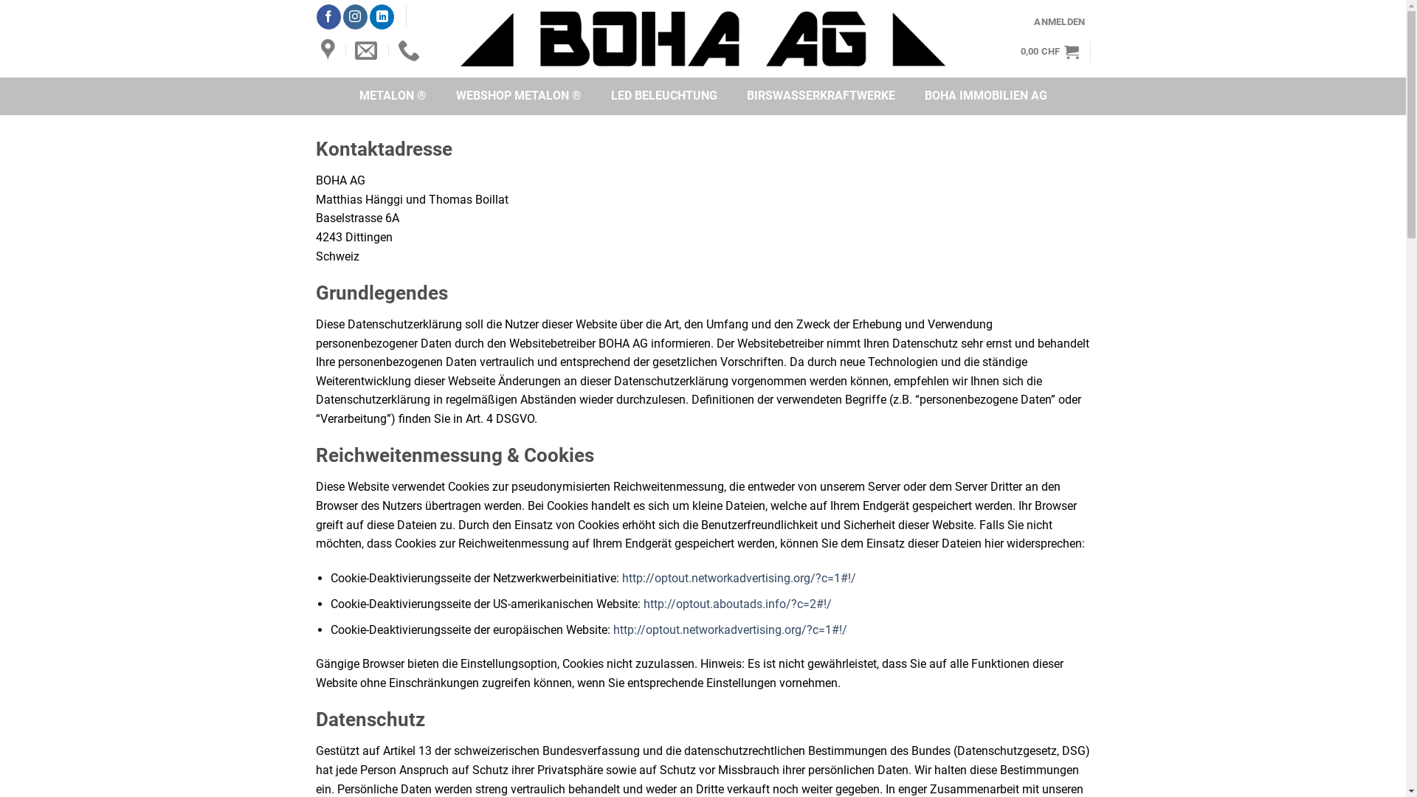 The image size is (1417, 797). Describe the element at coordinates (663, 96) in the screenshot. I see `'LED BELEUCHTUNG'` at that location.